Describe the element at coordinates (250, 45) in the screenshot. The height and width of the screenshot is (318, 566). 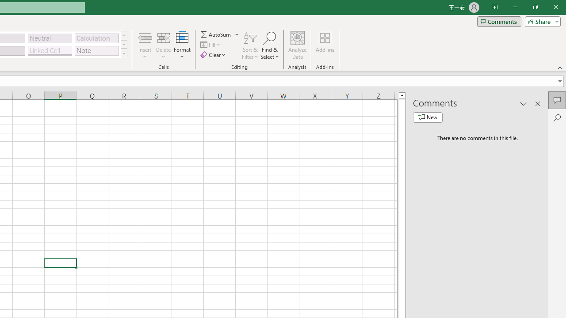
I see `'Sort & Filter'` at that location.